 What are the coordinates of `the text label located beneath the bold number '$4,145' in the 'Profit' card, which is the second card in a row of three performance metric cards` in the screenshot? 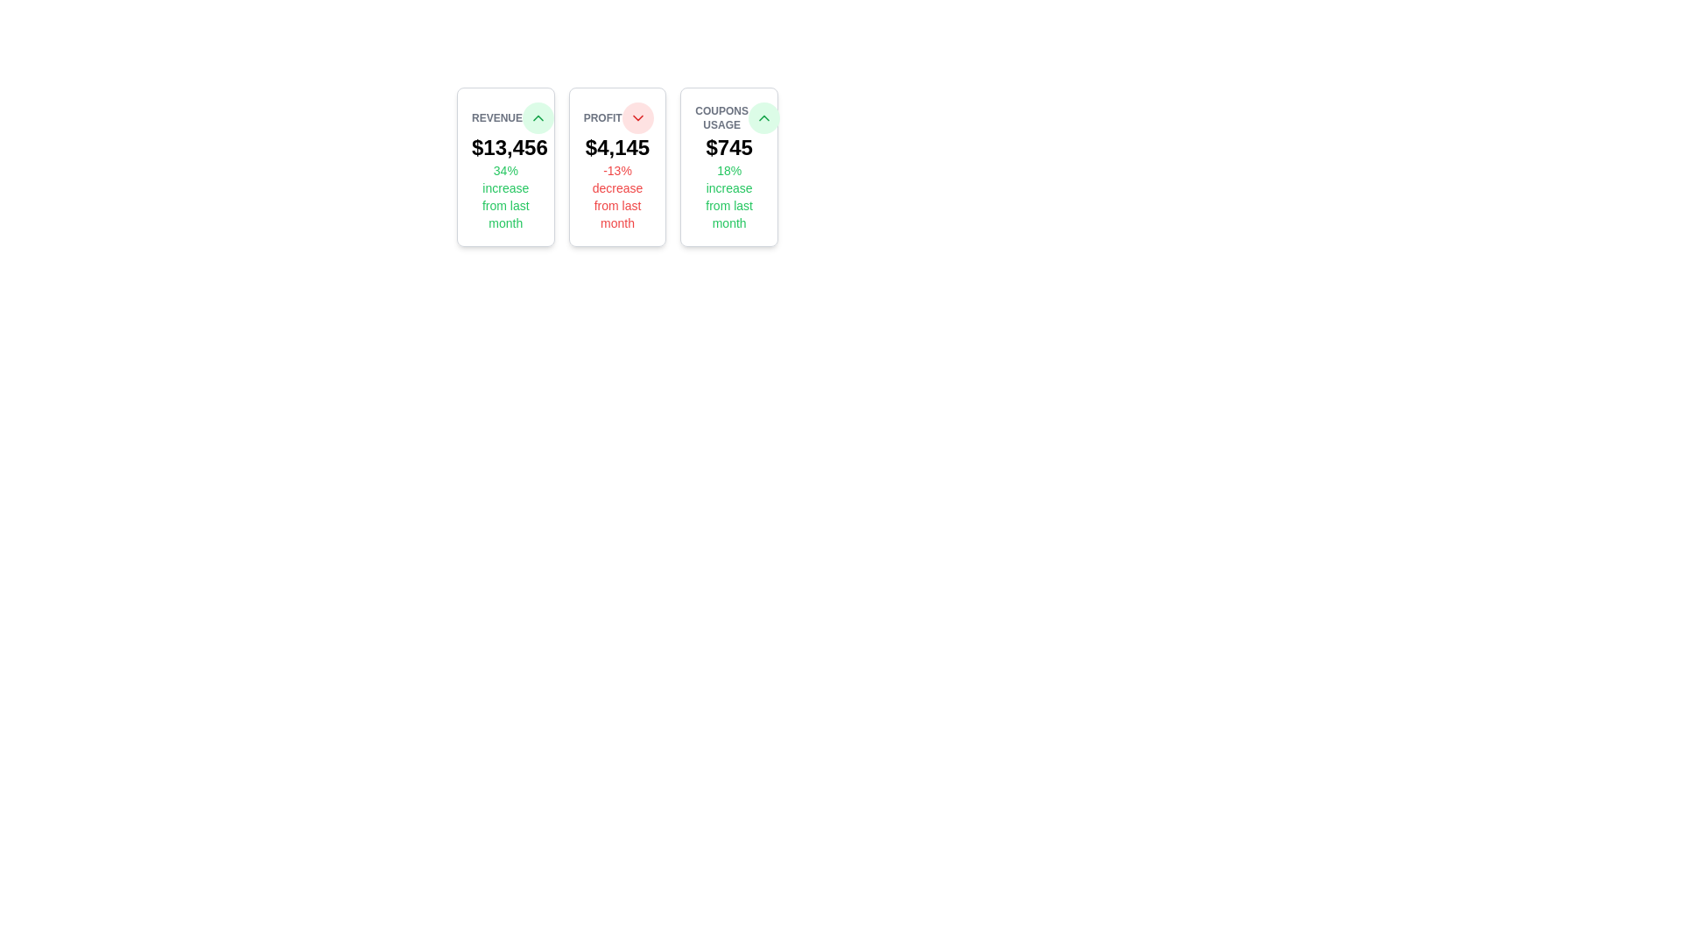 It's located at (617, 196).